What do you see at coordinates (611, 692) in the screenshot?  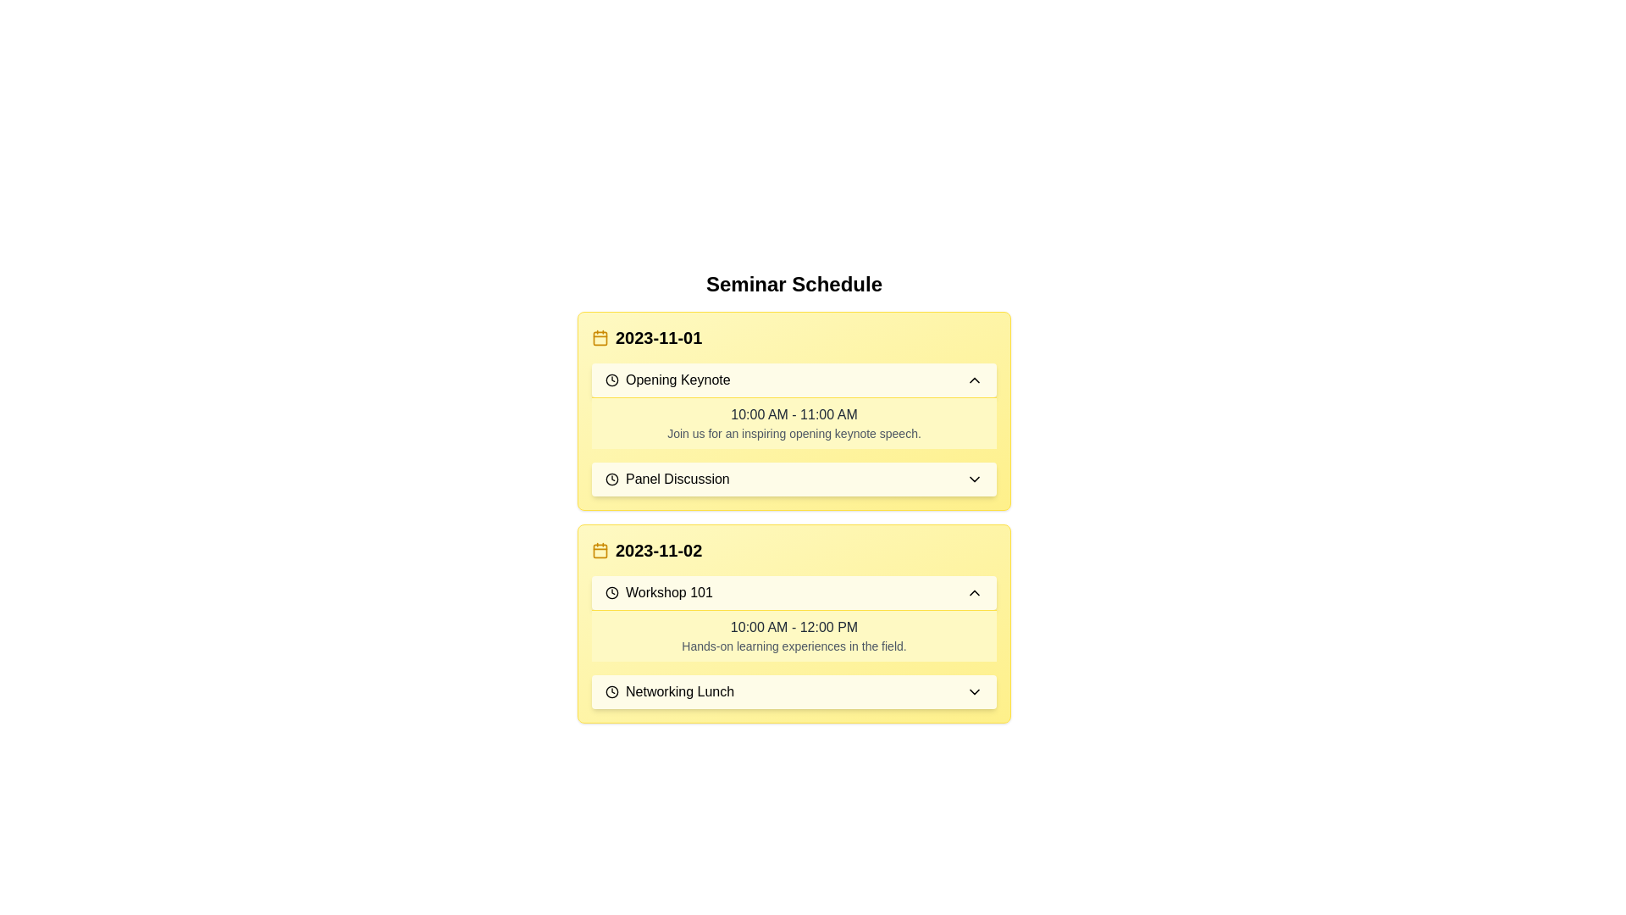 I see `the clock icon that visually indicates time, located to the left of the 'Networking Lunch' text in the seminar schedule for '2023-11-02'` at bounding box center [611, 692].